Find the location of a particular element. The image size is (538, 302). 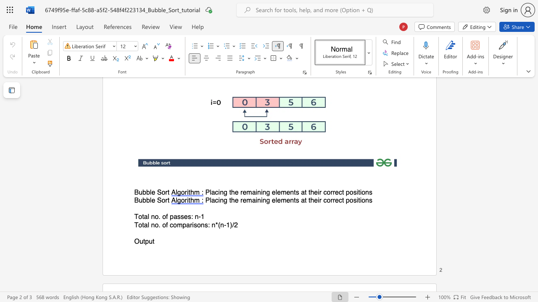

the space between the continuous character "n" and "*" in the text is located at coordinates (215, 224).